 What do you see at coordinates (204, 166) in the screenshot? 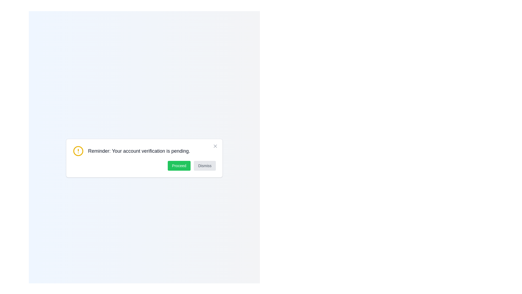
I see `the 'Dismiss' button located at the bottom-right corner of the interface with a gray background and rounded corners` at bounding box center [204, 166].